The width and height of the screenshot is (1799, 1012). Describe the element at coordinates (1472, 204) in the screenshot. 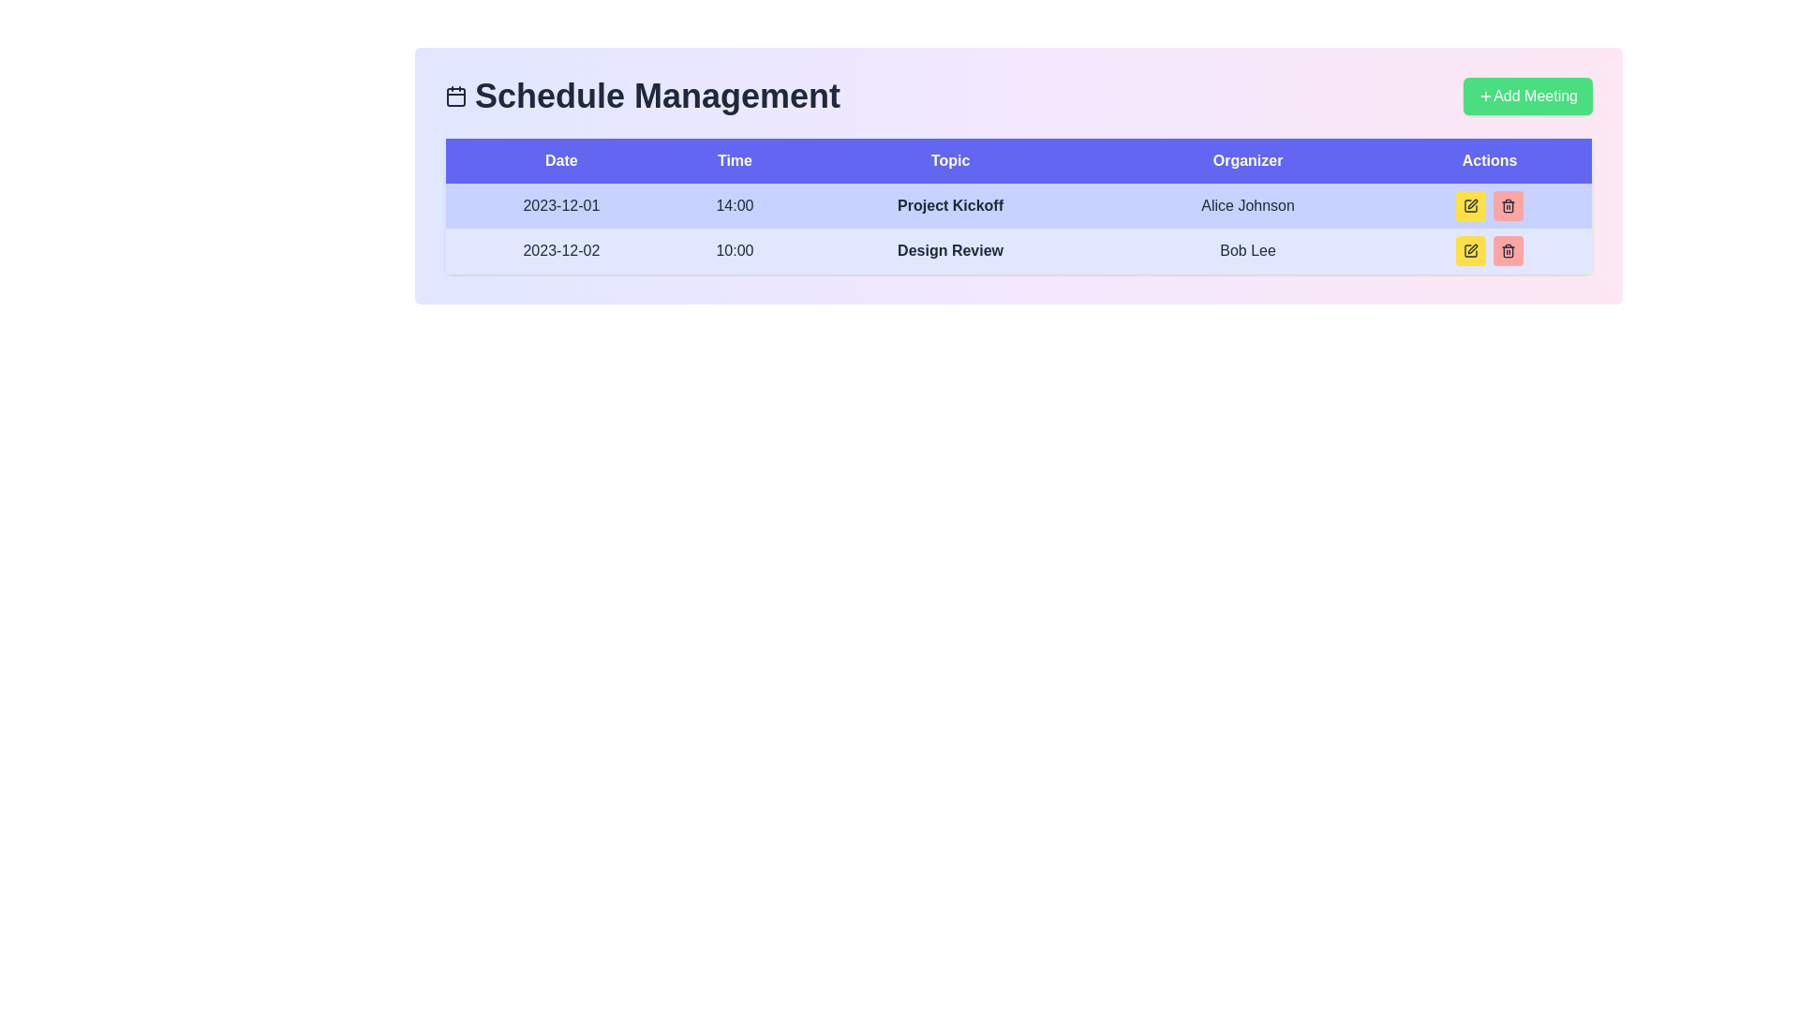

I see `the editing icon button located in the second row of the table's 'Actions' column` at that location.